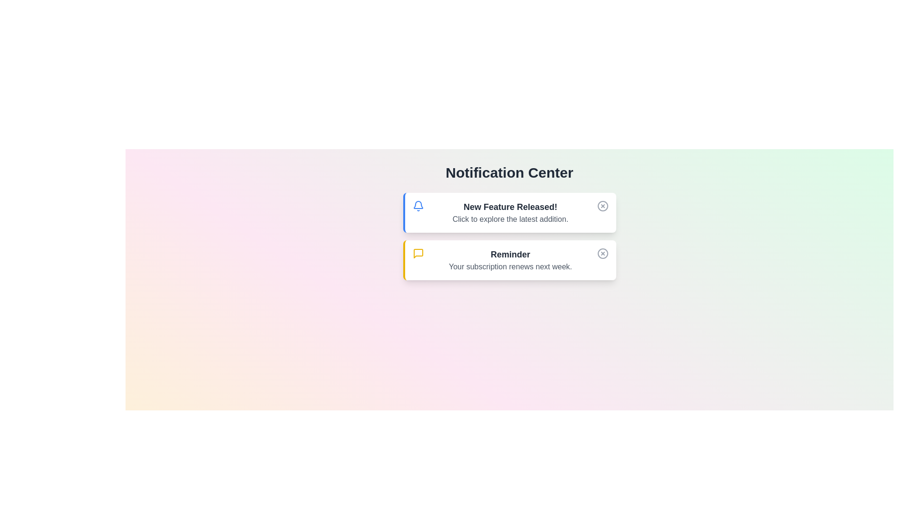 This screenshot has height=513, width=913. I want to click on the notification titled 'New Feature Released!' to view its details, so click(509, 212).